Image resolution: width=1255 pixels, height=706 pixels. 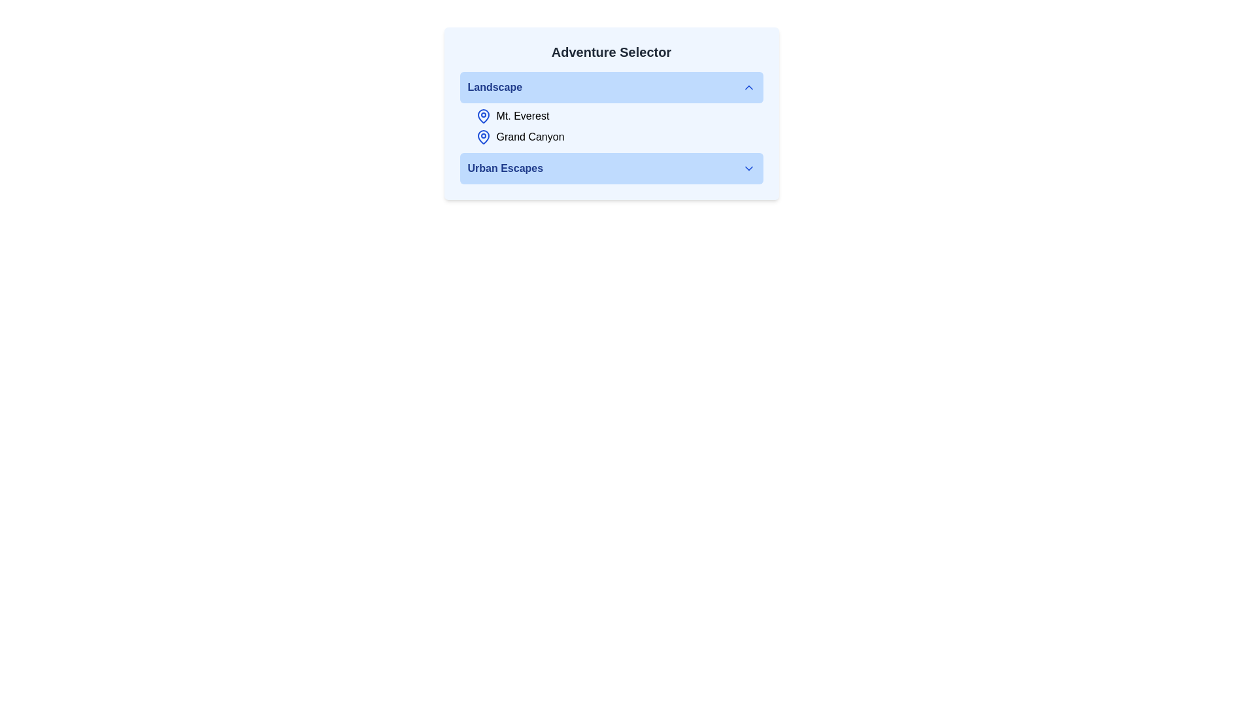 What do you see at coordinates (618, 137) in the screenshot?
I see `the 'Grand Canyon' option in the 'Adventure Selector' interface` at bounding box center [618, 137].